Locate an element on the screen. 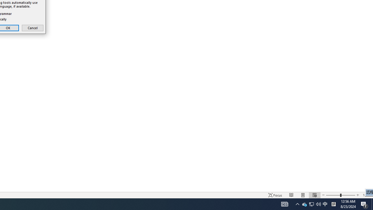 The width and height of the screenshot is (373, 210). 'Q2790: 100%' is located at coordinates (311, 204).